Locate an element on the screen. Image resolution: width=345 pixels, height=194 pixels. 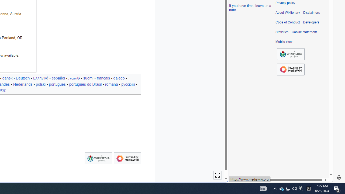
'Wikimedia Foundation' is located at coordinates (291, 54).